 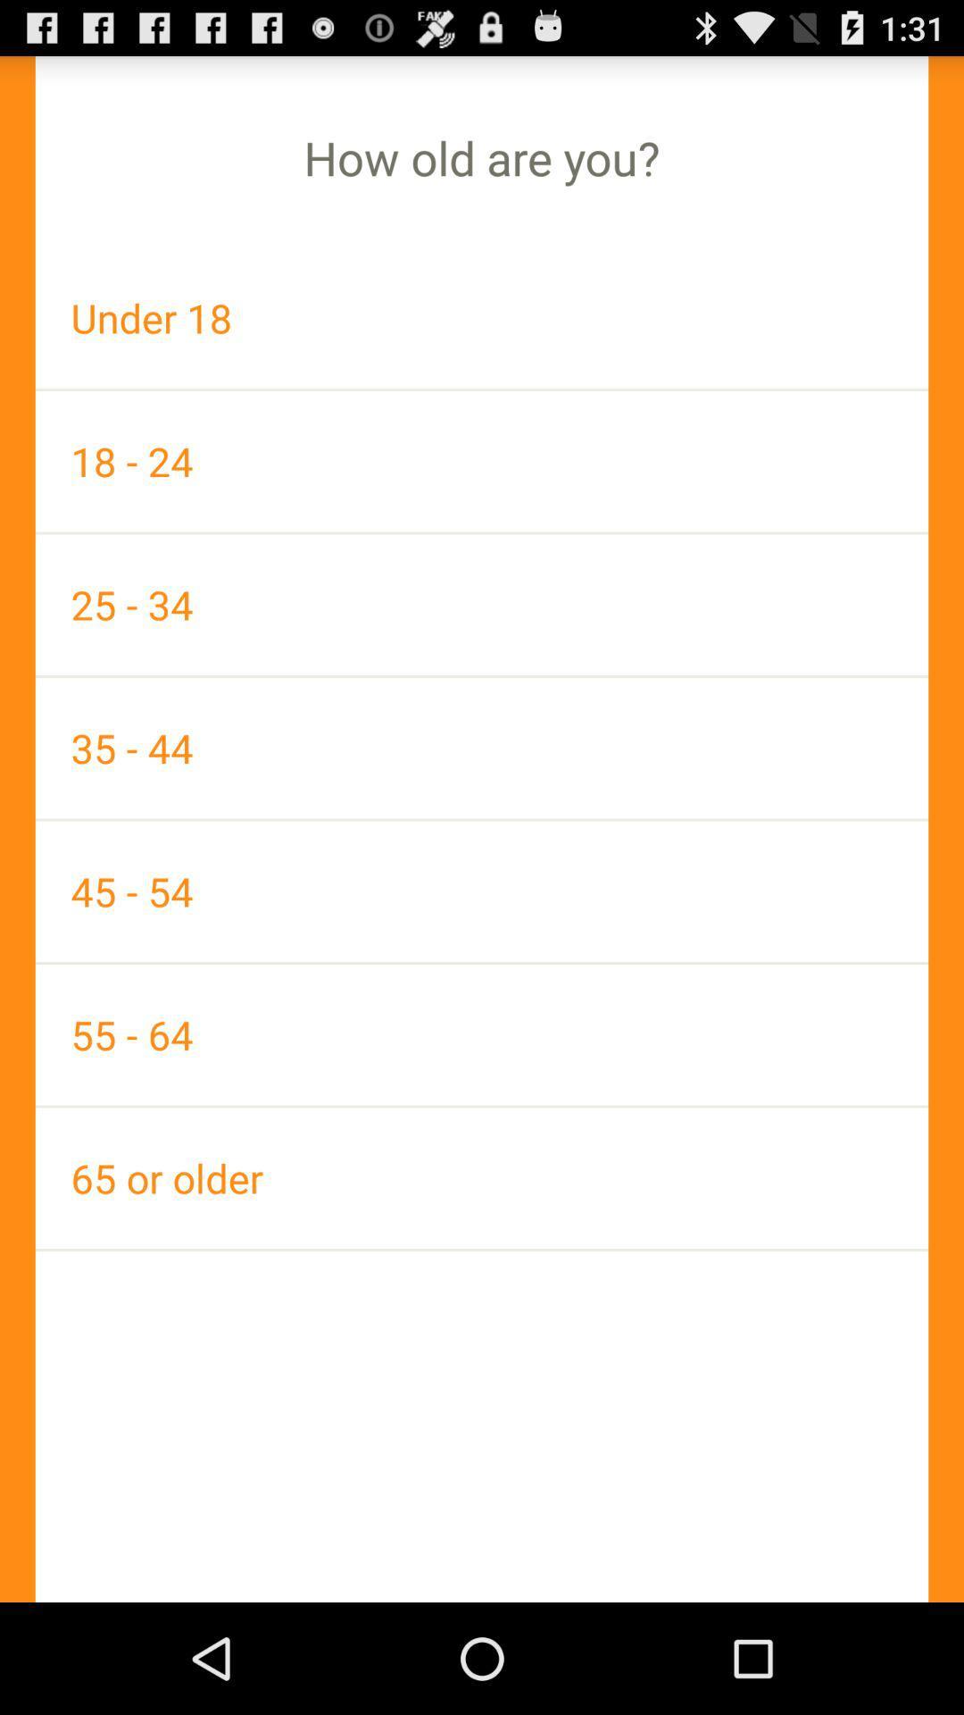 What do you see at coordinates (482, 318) in the screenshot?
I see `under 18 app` at bounding box center [482, 318].